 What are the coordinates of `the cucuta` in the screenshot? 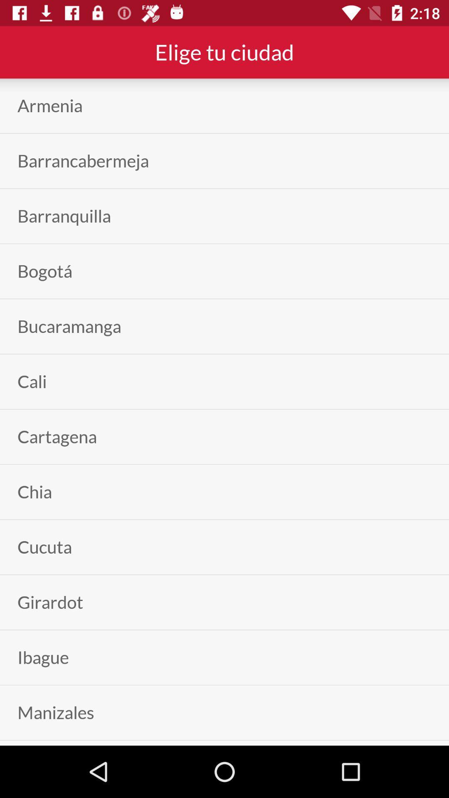 It's located at (44, 547).